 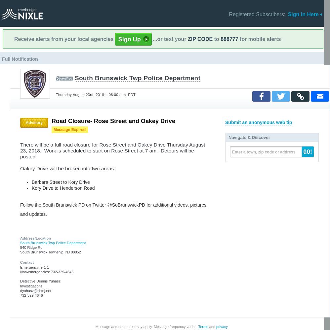 I want to click on 'Road Closure- Rose Street and Oakey Drive', so click(x=113, y=121).